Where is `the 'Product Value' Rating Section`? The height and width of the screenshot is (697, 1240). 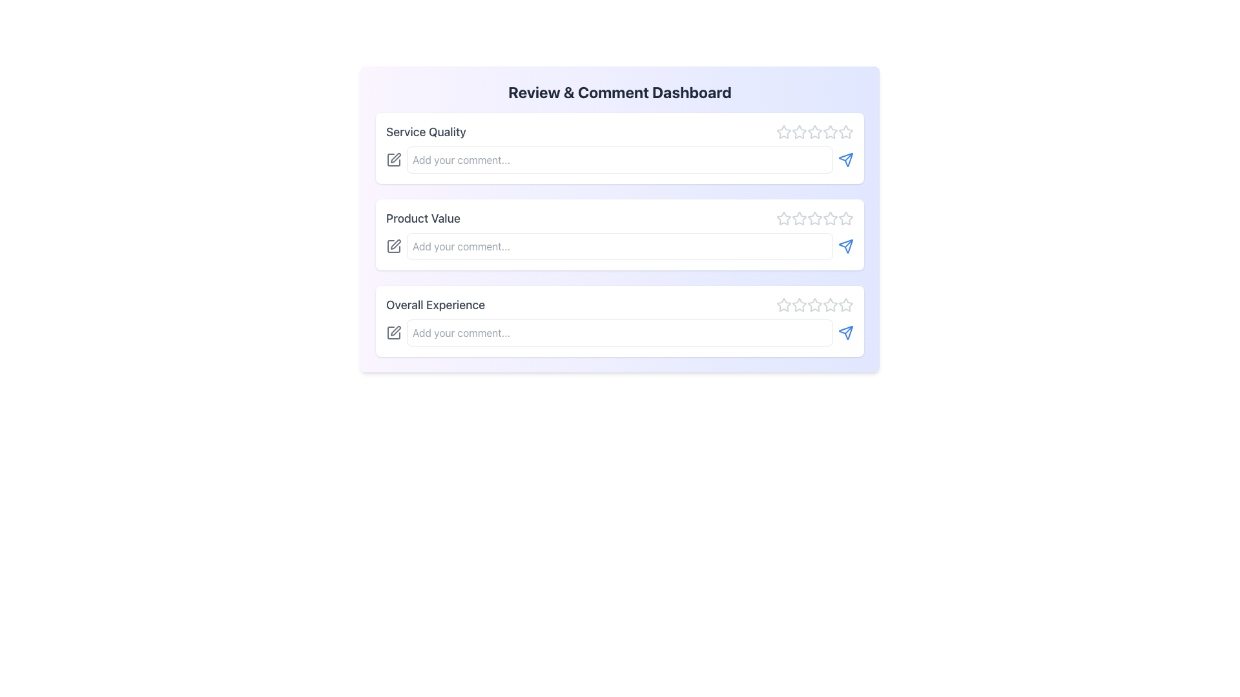
the 'Product Value' Rating Section is located at coordinates (620, 218).